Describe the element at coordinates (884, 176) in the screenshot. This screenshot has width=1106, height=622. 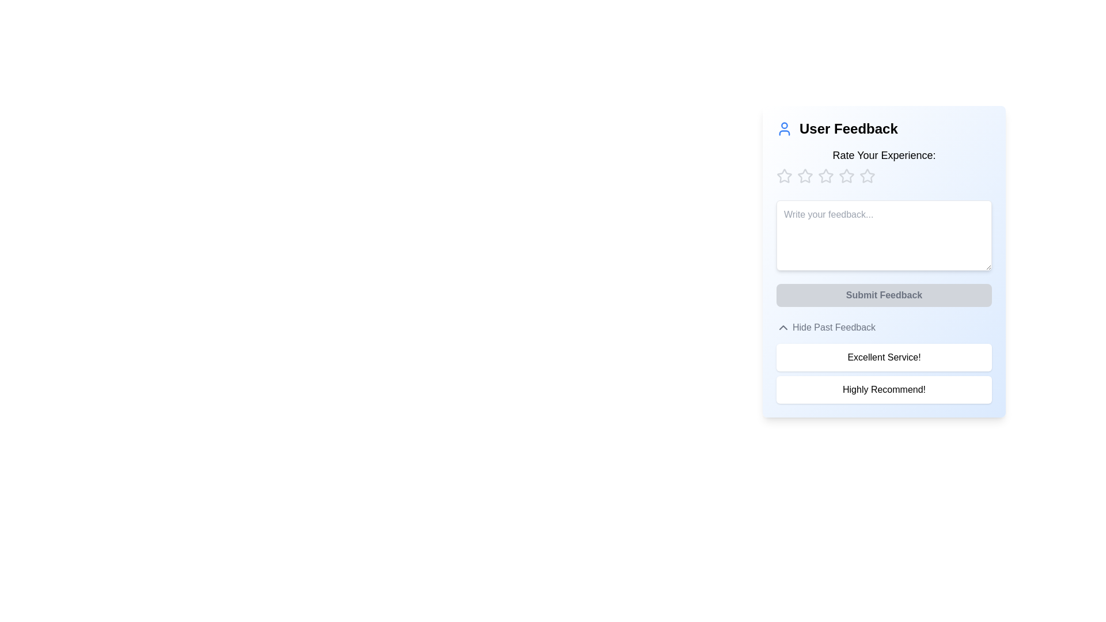
I see `each of the five star icons in the Star rating component to set the rating, which is located in the 'Rate Your Experience:' section above the comments area of the feedback form` at that location.